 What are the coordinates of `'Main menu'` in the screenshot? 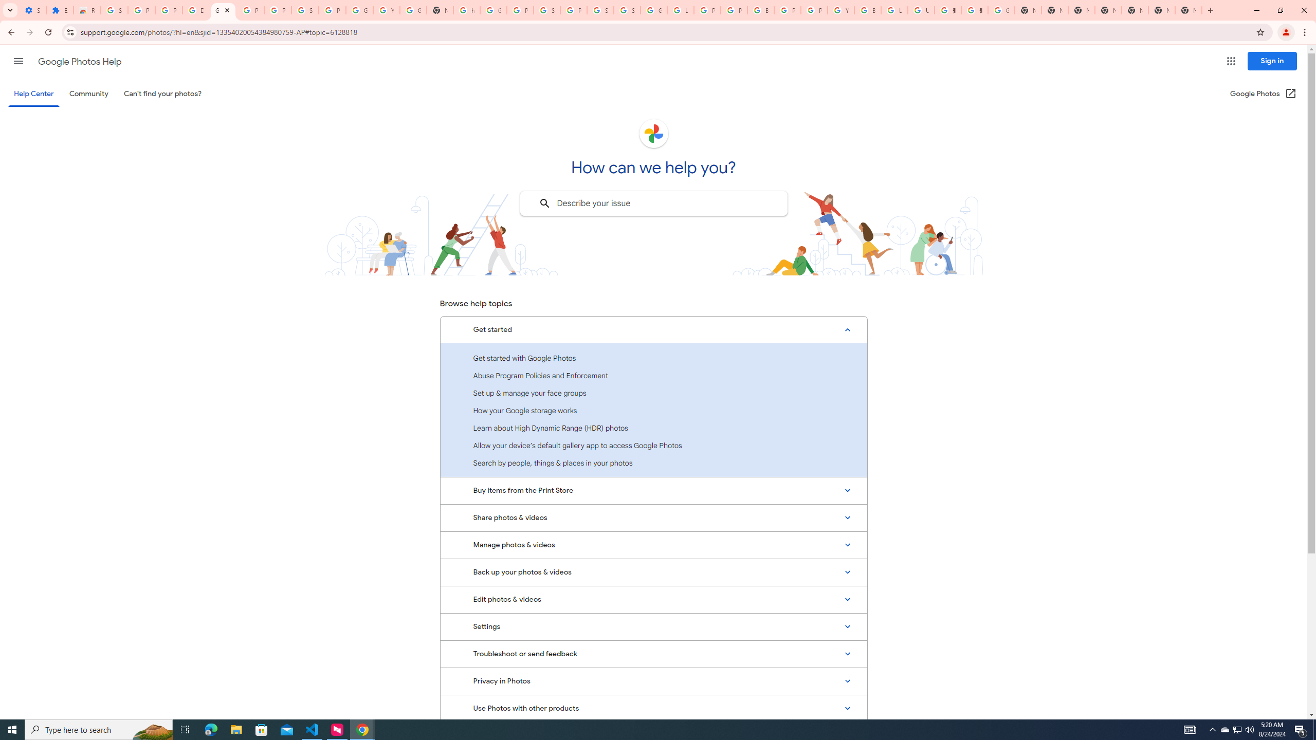 It's located at (17, 61).